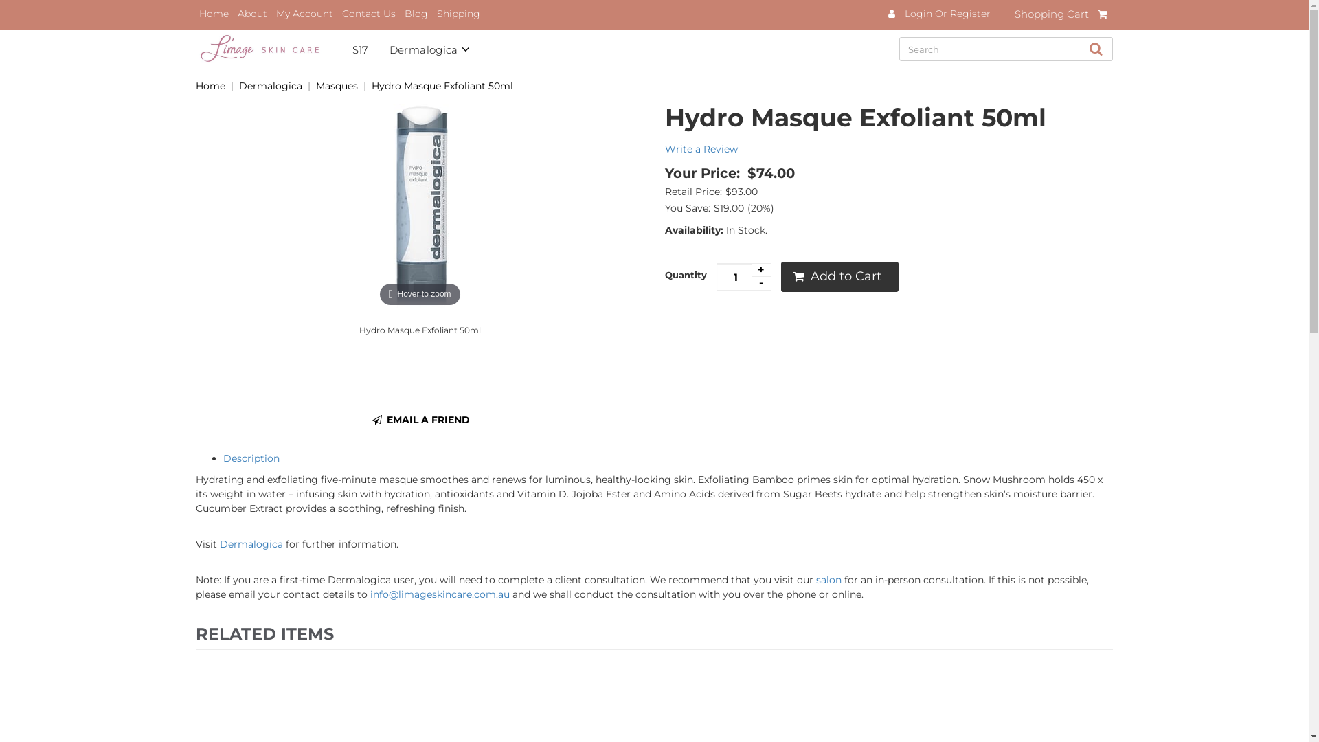 This screenshot has width=1319, height=742. Describe the element at coordinates (760, 270) in the screenshot. I see `'+'` at that location.